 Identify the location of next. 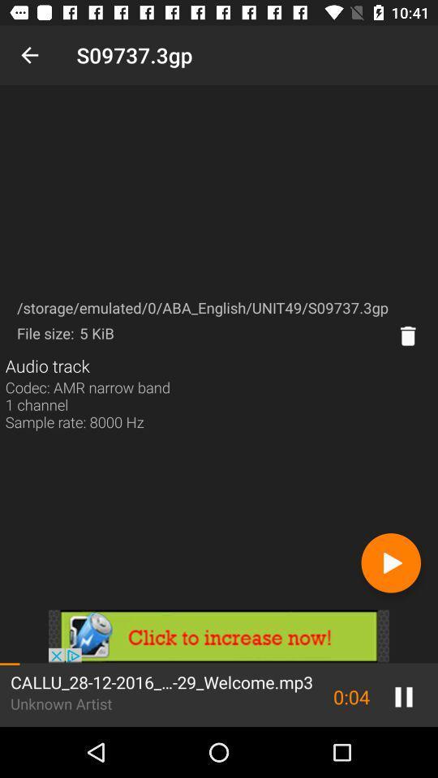
(390, 562).